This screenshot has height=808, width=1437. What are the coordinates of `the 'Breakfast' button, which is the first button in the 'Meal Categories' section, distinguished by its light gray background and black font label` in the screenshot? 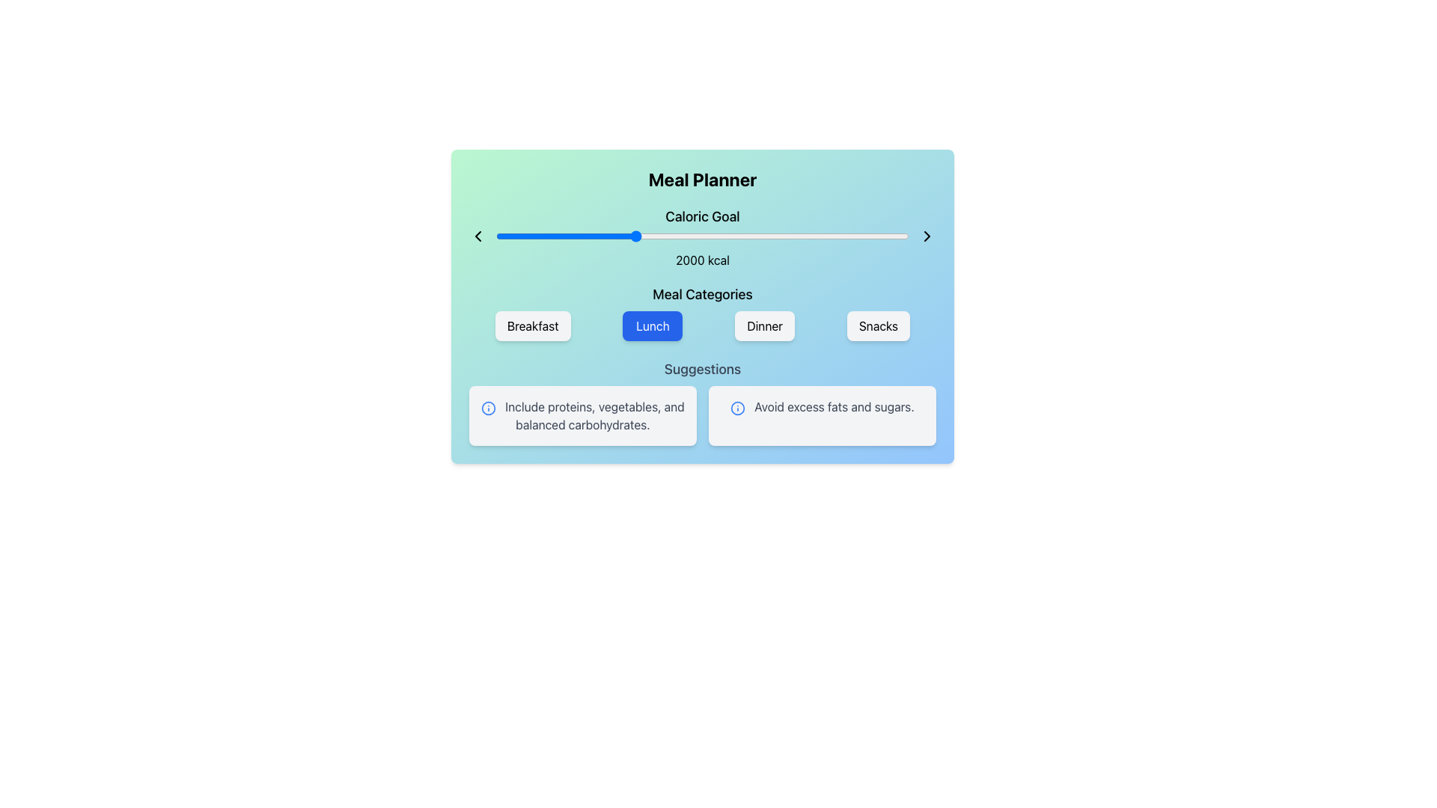 It's located at (533, 325).